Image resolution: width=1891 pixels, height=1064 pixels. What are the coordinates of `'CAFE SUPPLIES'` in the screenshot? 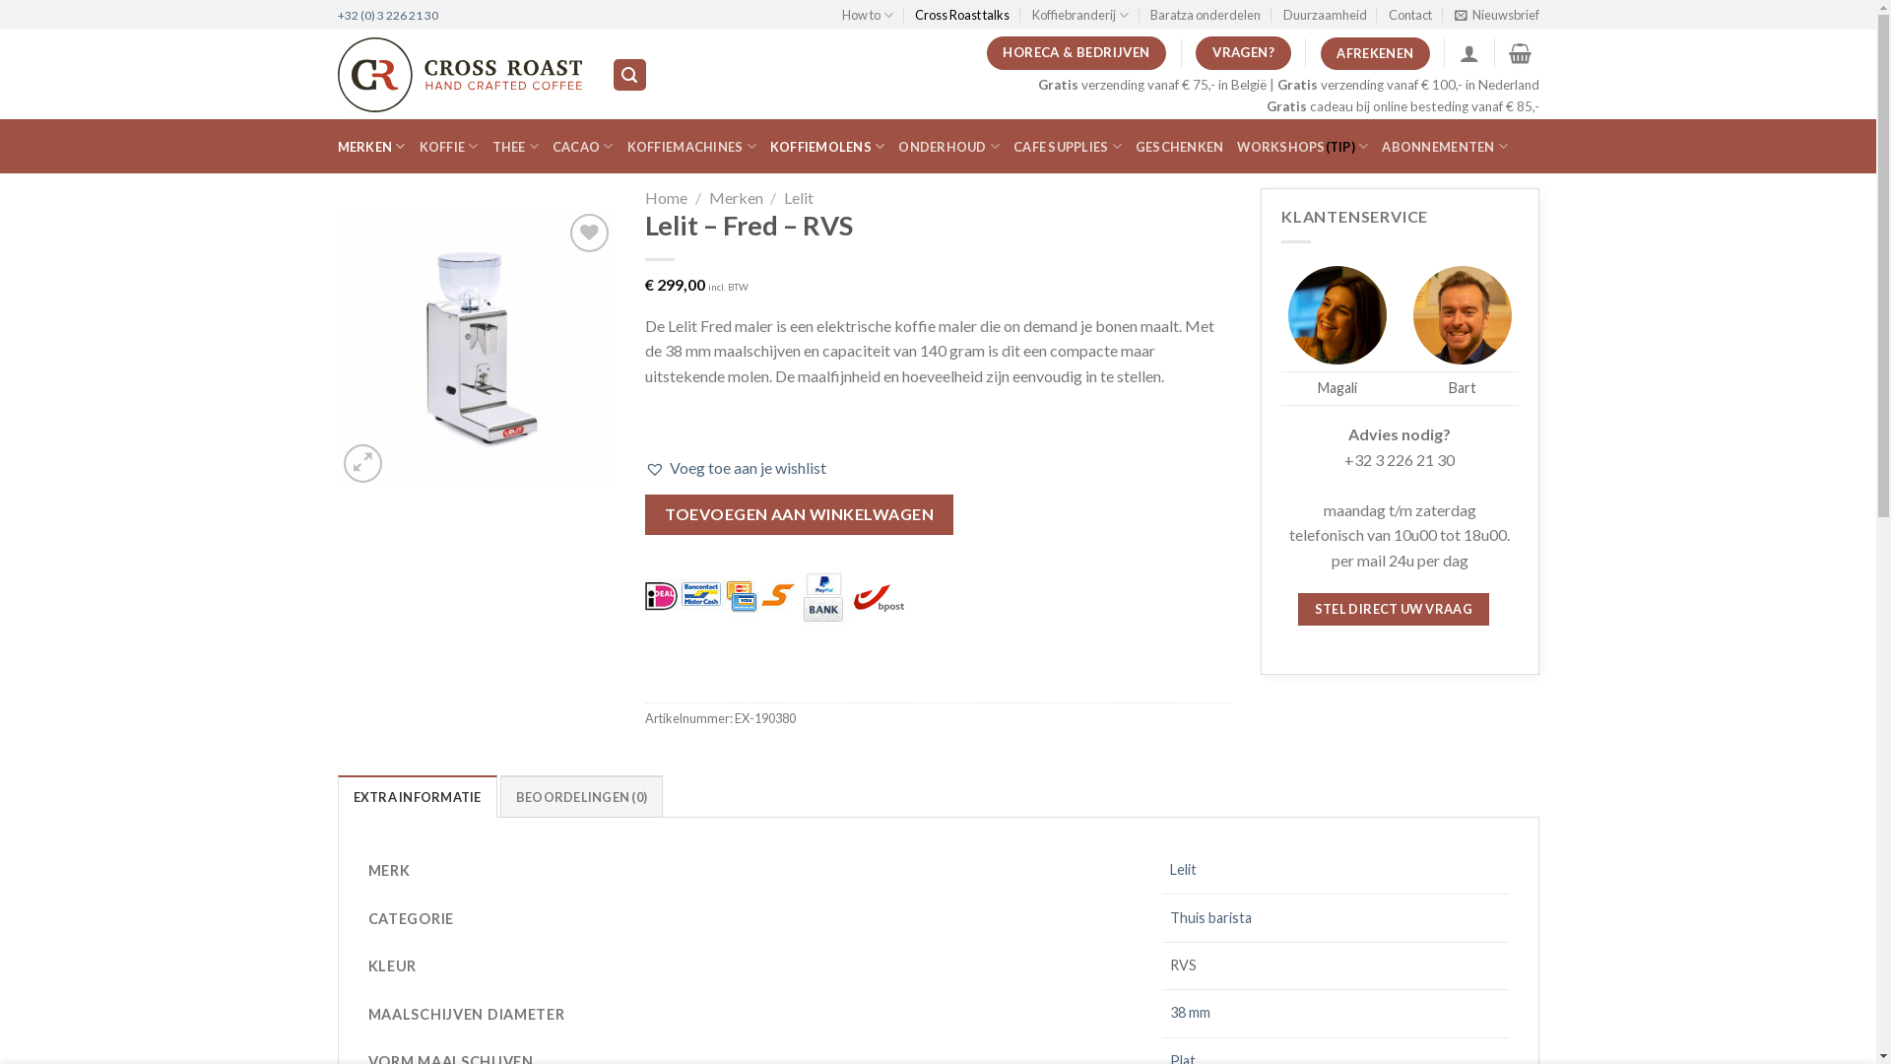 It's located at (1067, 146).